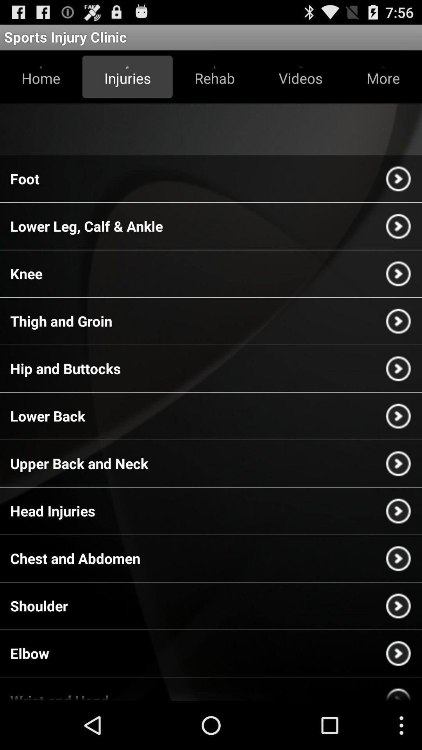  Describe the element at coordinates (398, 321) in the screenshot. I see `item next to thigh and groin` at that location.